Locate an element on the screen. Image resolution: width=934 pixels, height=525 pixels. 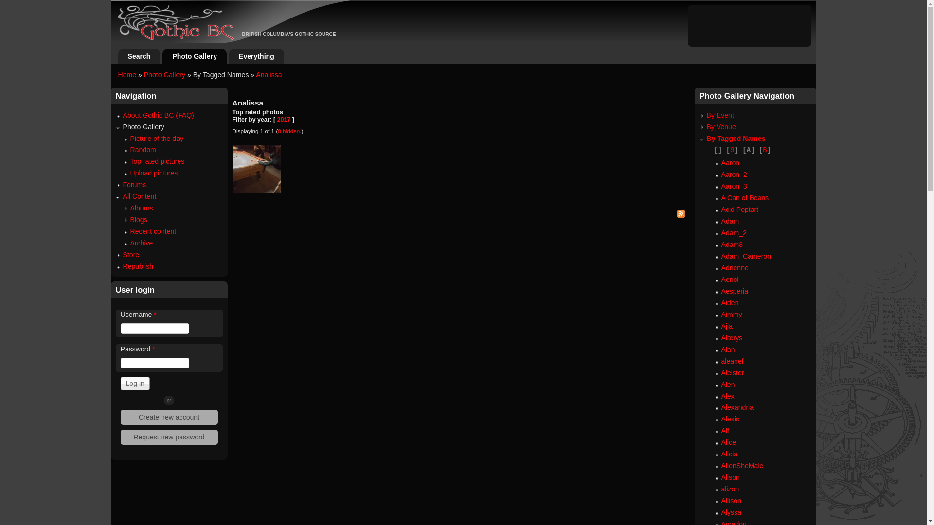
'AlienSheMale' is located at coordinates (741, 465).